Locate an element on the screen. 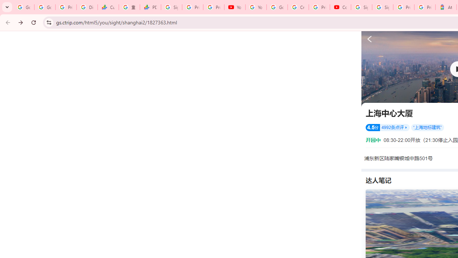 This screenshot has height=258, width=458. 'Sign in - Google Accounts' is located at coordinates (361, 7).